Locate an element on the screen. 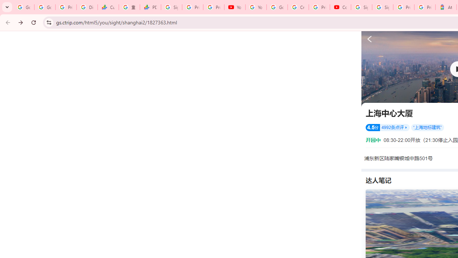 This screenshot has height=258, width=458. 'Sign in - Google Accounts' is located at coordinates (361, 7).